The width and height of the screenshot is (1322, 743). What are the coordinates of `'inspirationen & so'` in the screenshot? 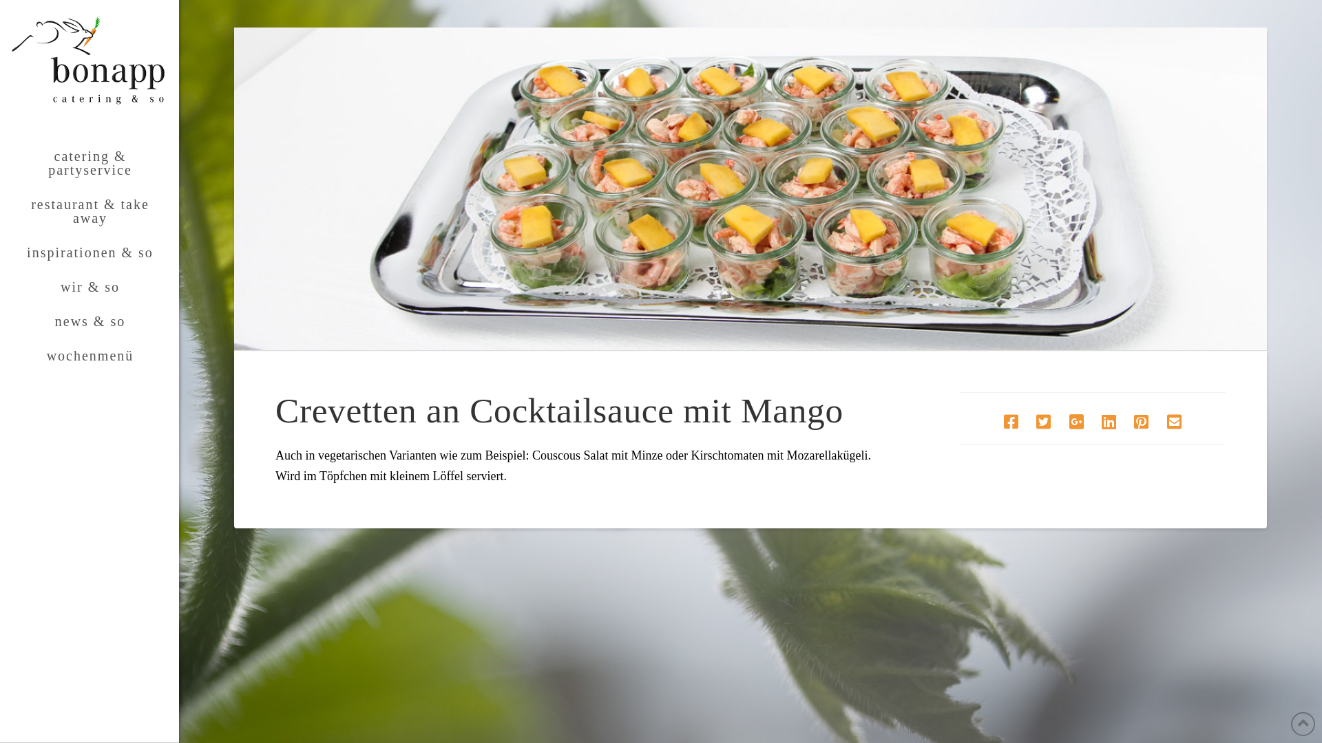 It's located at (88, 252).